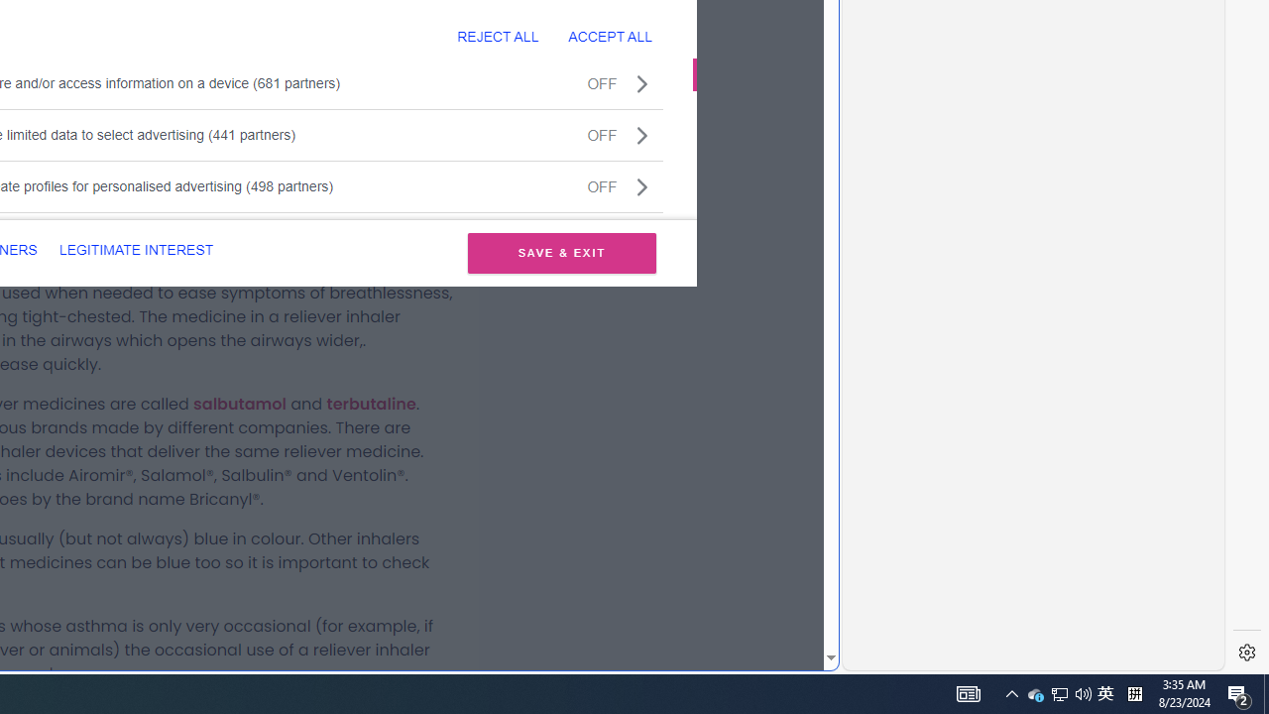 This screenshot has width=1269, height=714. What do you see at coordinates (609, 36) in the screenshot?
I see `'ACCEPT ALL'` at bounding box center [609, 36].